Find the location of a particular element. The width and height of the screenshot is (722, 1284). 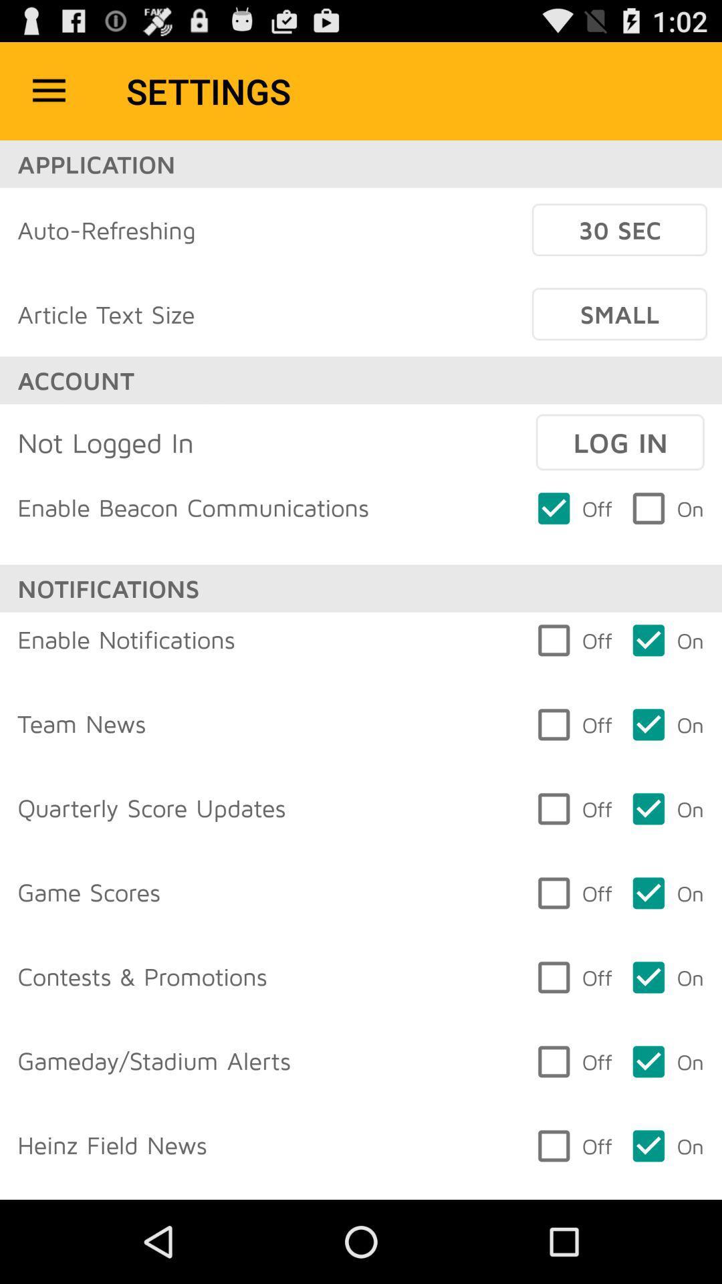

the item below small item is located at coordinates (620, 442).